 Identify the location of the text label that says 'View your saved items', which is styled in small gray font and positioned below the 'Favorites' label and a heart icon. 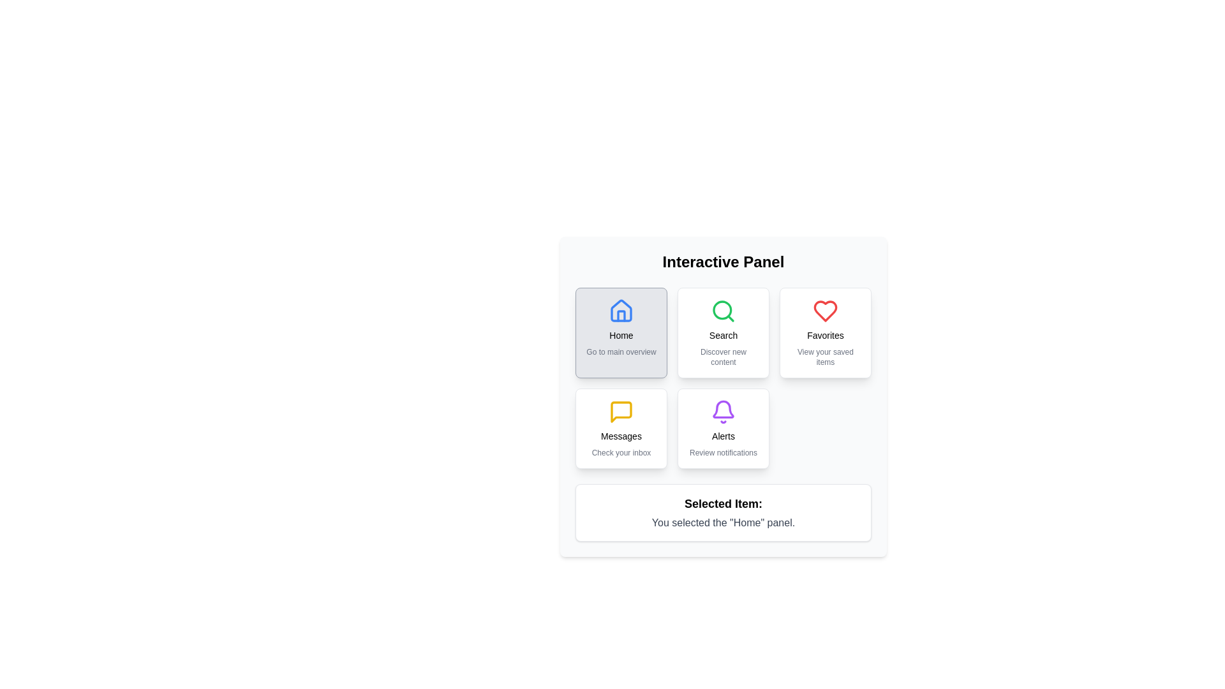
(826, 357).